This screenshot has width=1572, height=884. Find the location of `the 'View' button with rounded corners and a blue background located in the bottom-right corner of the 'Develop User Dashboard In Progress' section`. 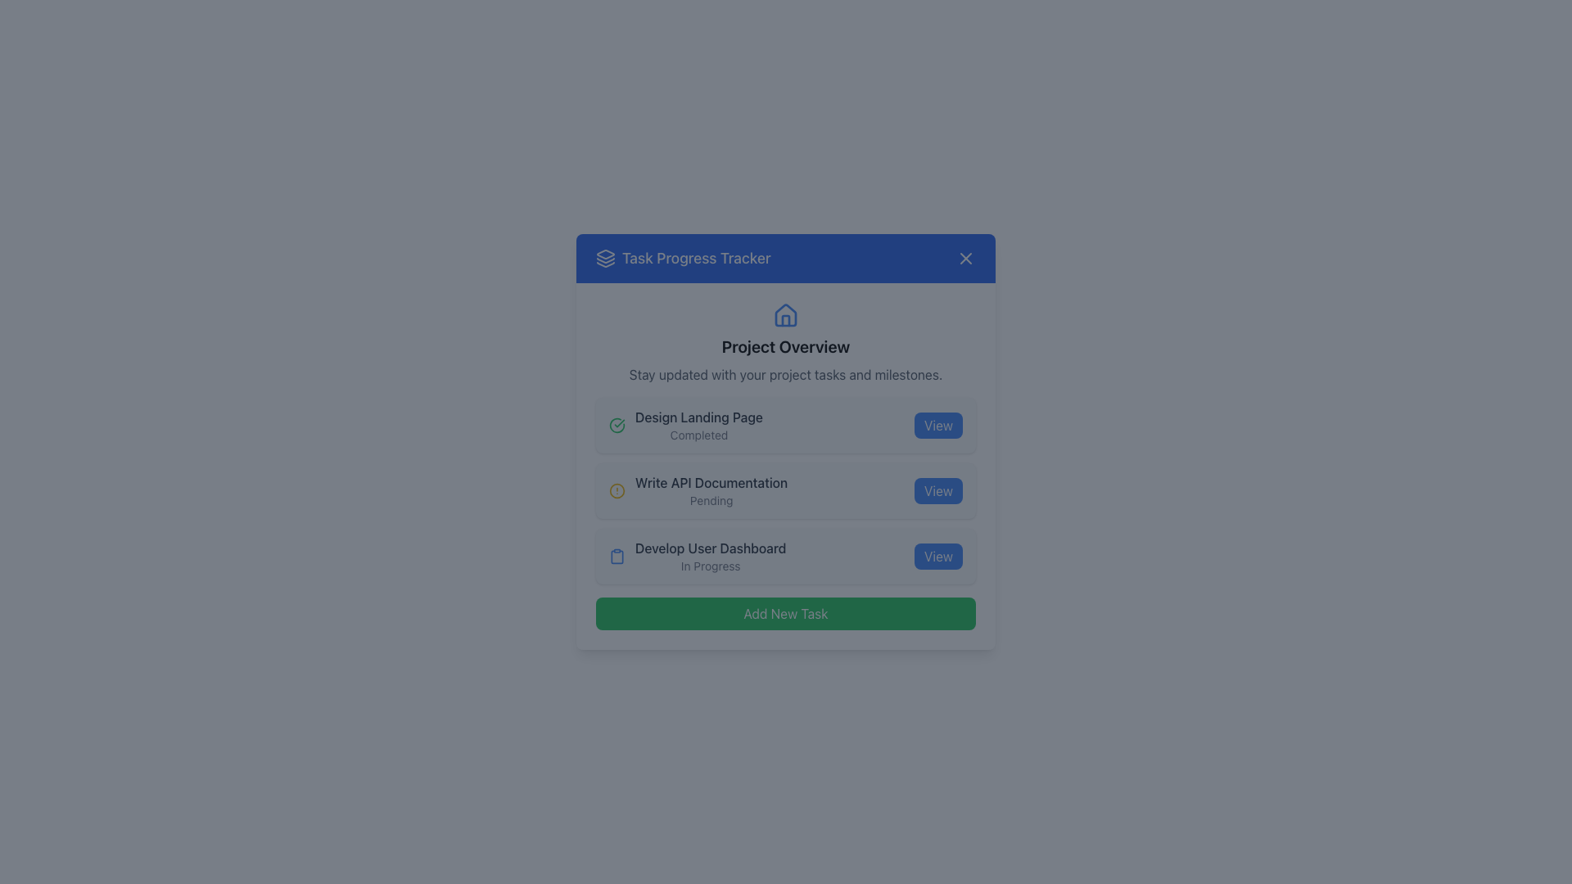

the 'View' button with rounded corners and a blue background located in the bottom-right corner of the 'Develop User Dashboard In Progress' section is located at coordinates (938, 555).